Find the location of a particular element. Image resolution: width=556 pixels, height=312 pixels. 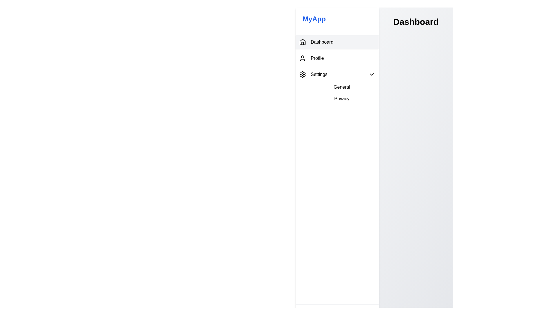

the 'Privacy' text label in the Settings section is located at coordinates (342, 99).